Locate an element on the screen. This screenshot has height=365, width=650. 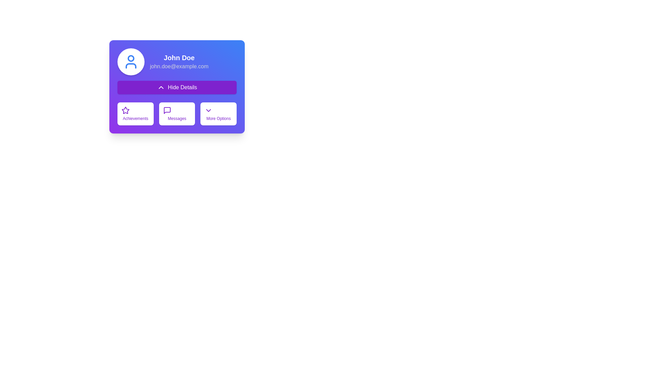
the downward-facing chevron icon located within the 'More Options' button is located at coordinates (208, 110).